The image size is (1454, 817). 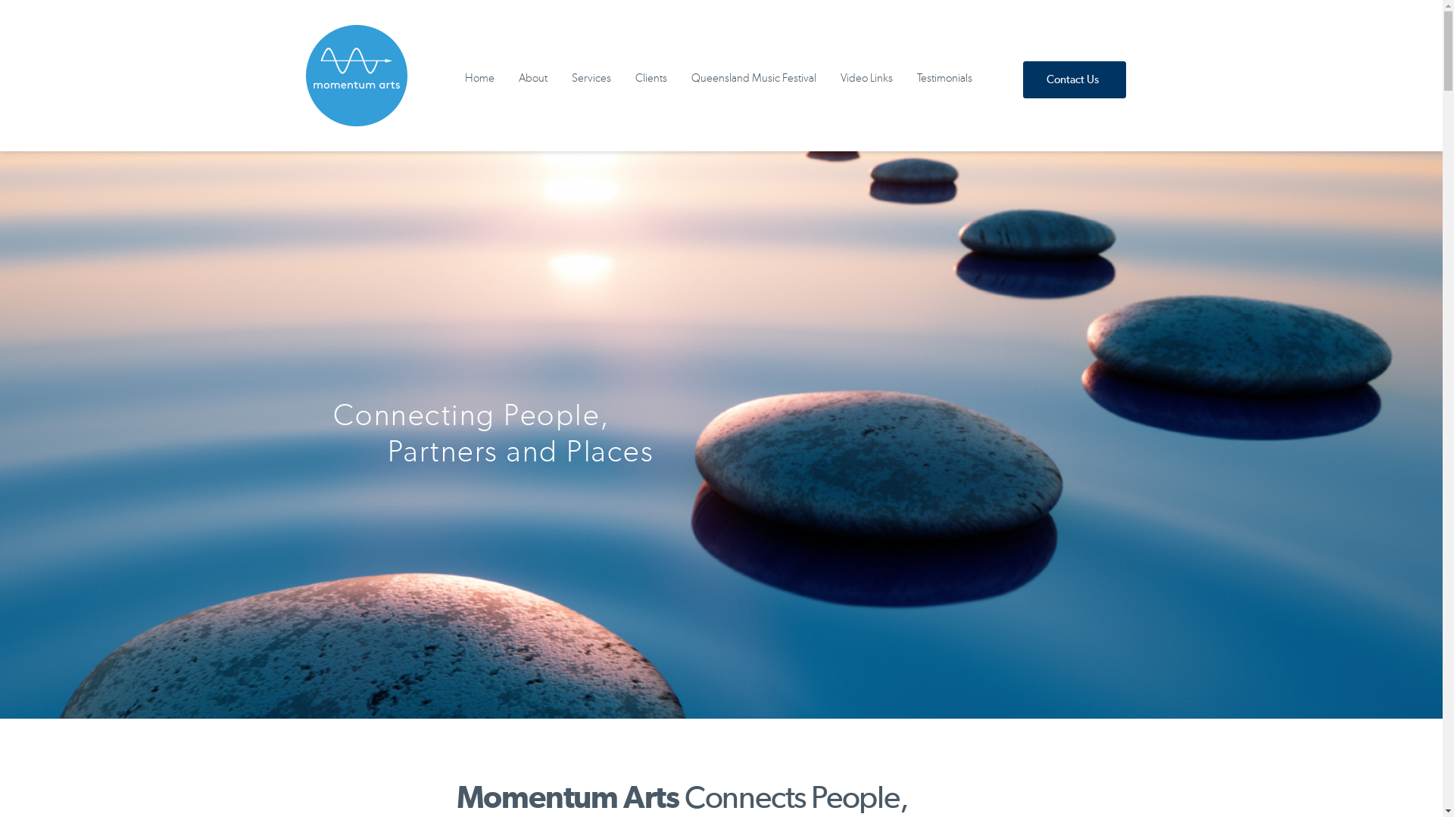 I want to click on 'About', so click(x=533, y=79).